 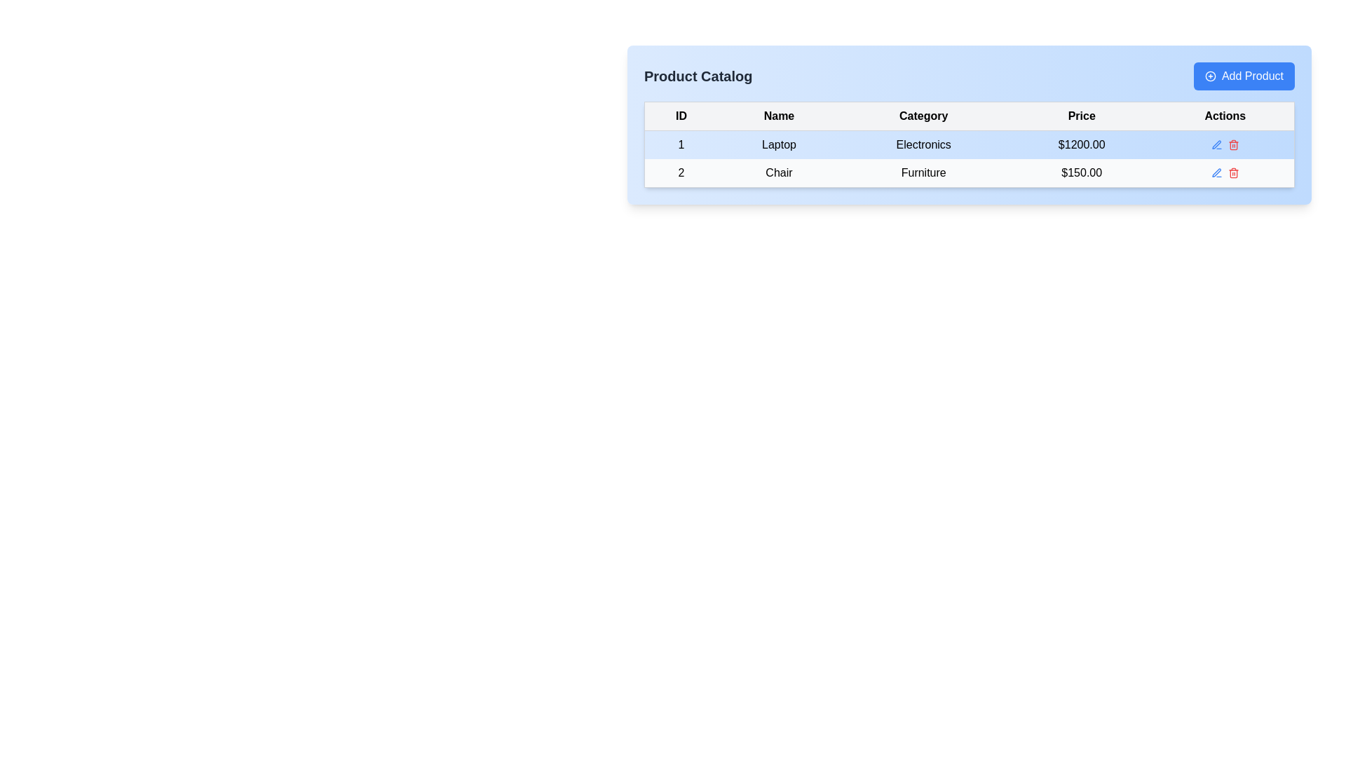 What do you see at coordinates (968, 144) in the screenshot?
I see `the first row of the product catalog table containing the product 'Laptop'` at bounding box center [968, 144].